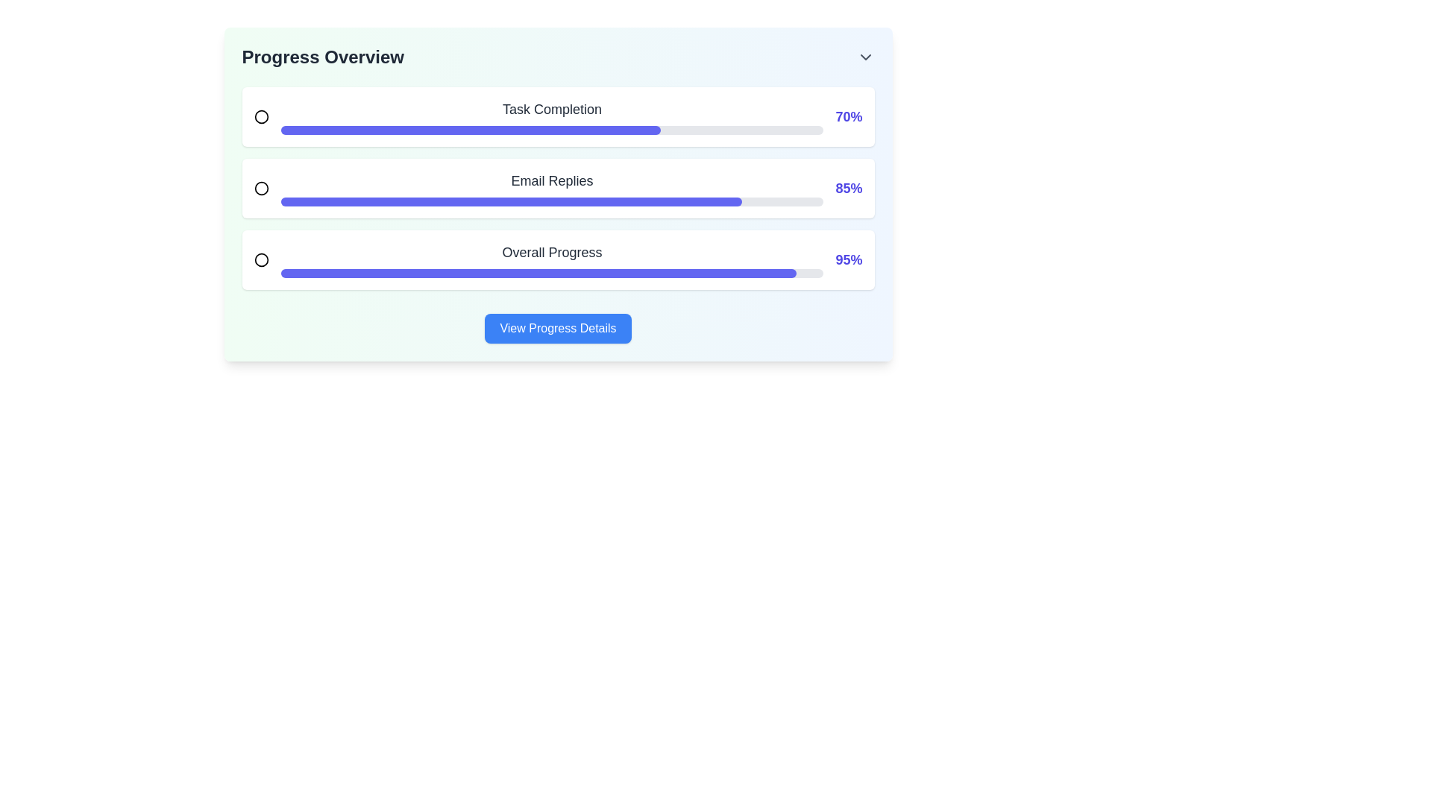 The height and width of the screenshot is (805, 1432). What do you see at coordinates (551, 273) in the screenshot?
I see `the progress bar that visually represents the 'Overall Progress' as a percentage, located under the 'Overall Progress' label in the third row of the 'Progress Overview' section` at bounding box center [551, 273].